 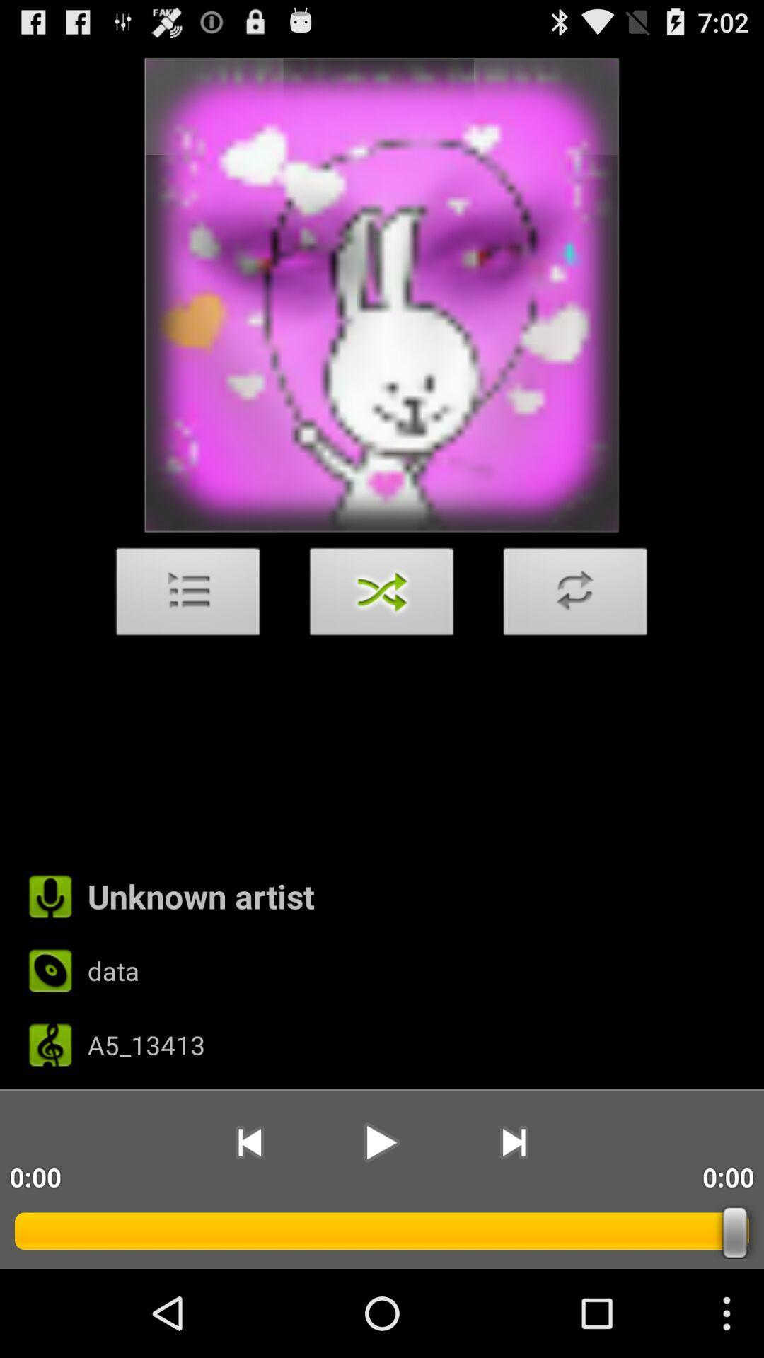 What do you see at coordinates (187, 596) in the screenshot?
I see `item above the unknown artist` at bounding box center [187, 596].